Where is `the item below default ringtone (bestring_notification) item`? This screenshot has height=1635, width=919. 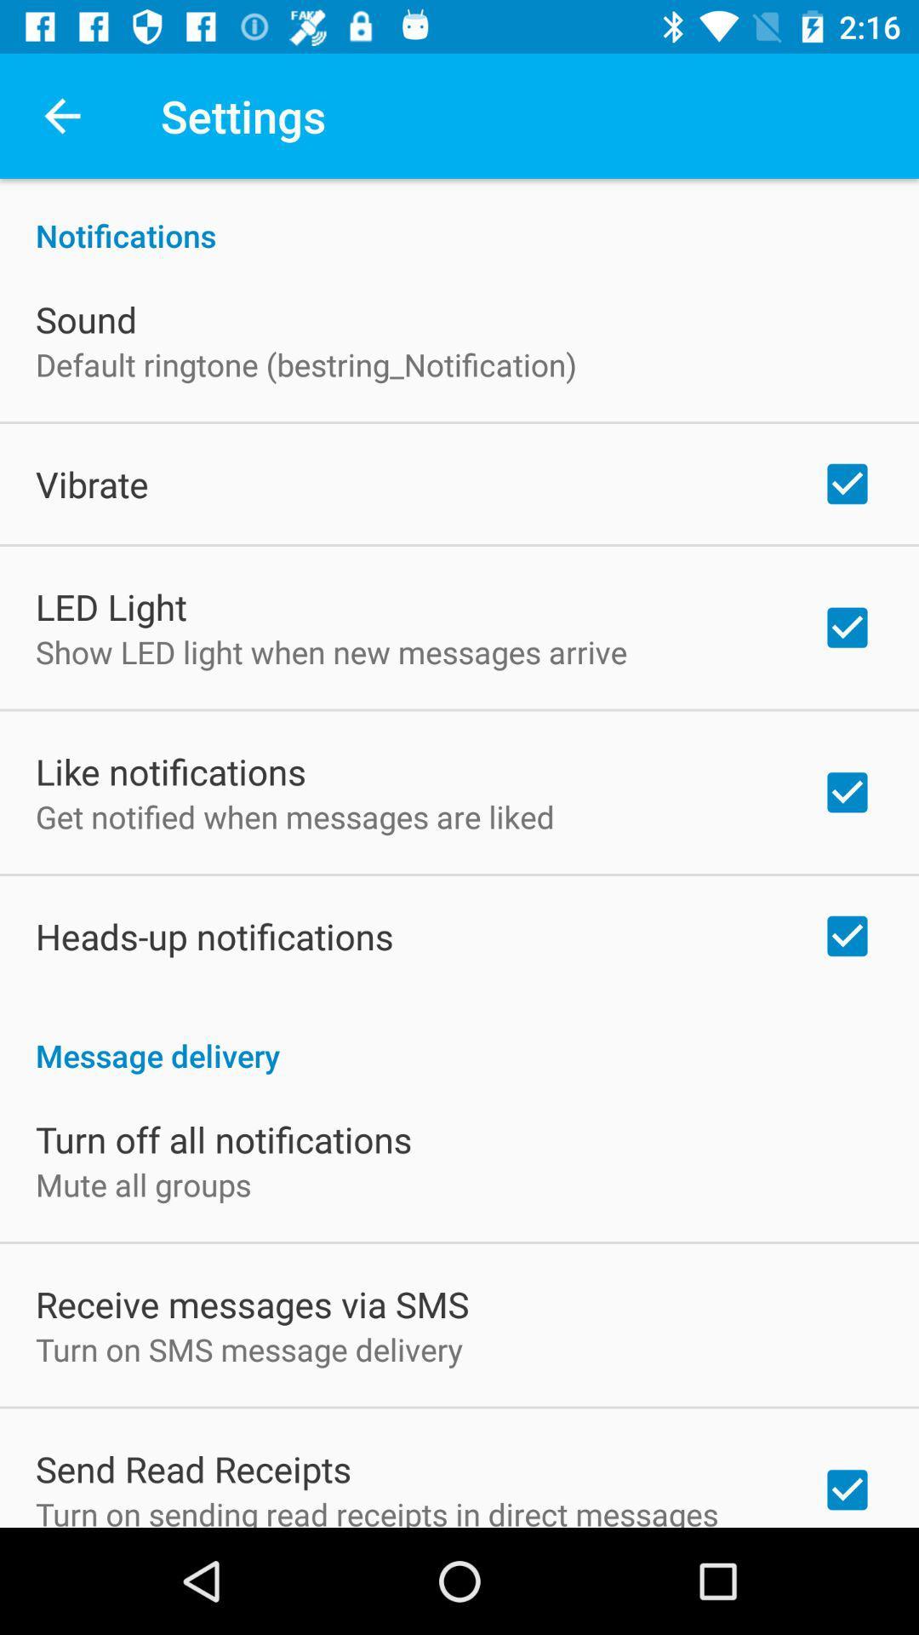
the item below default ringtone (bestring_notification) item is located at coordinates (92, 483).